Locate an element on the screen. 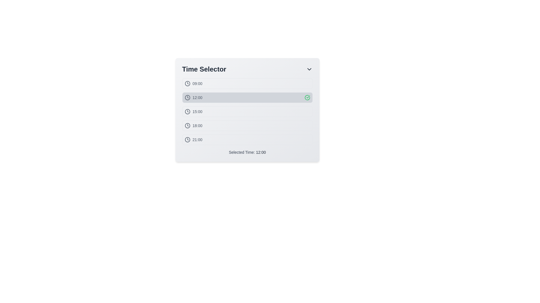 The image size is (540, 303). the button that allows users to select the '15:00' time slot, which is the third time slot from the top between '12:00' and '18:00' is located at coordinates (247, 116).